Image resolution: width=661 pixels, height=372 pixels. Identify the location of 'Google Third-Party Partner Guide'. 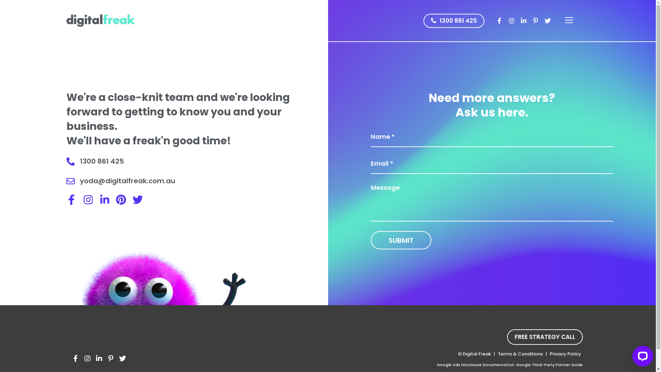
(548, 364).